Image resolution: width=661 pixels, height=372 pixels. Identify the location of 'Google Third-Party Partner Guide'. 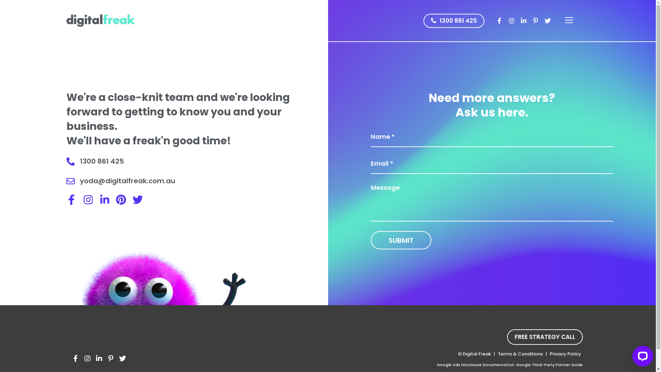
(548, 364).